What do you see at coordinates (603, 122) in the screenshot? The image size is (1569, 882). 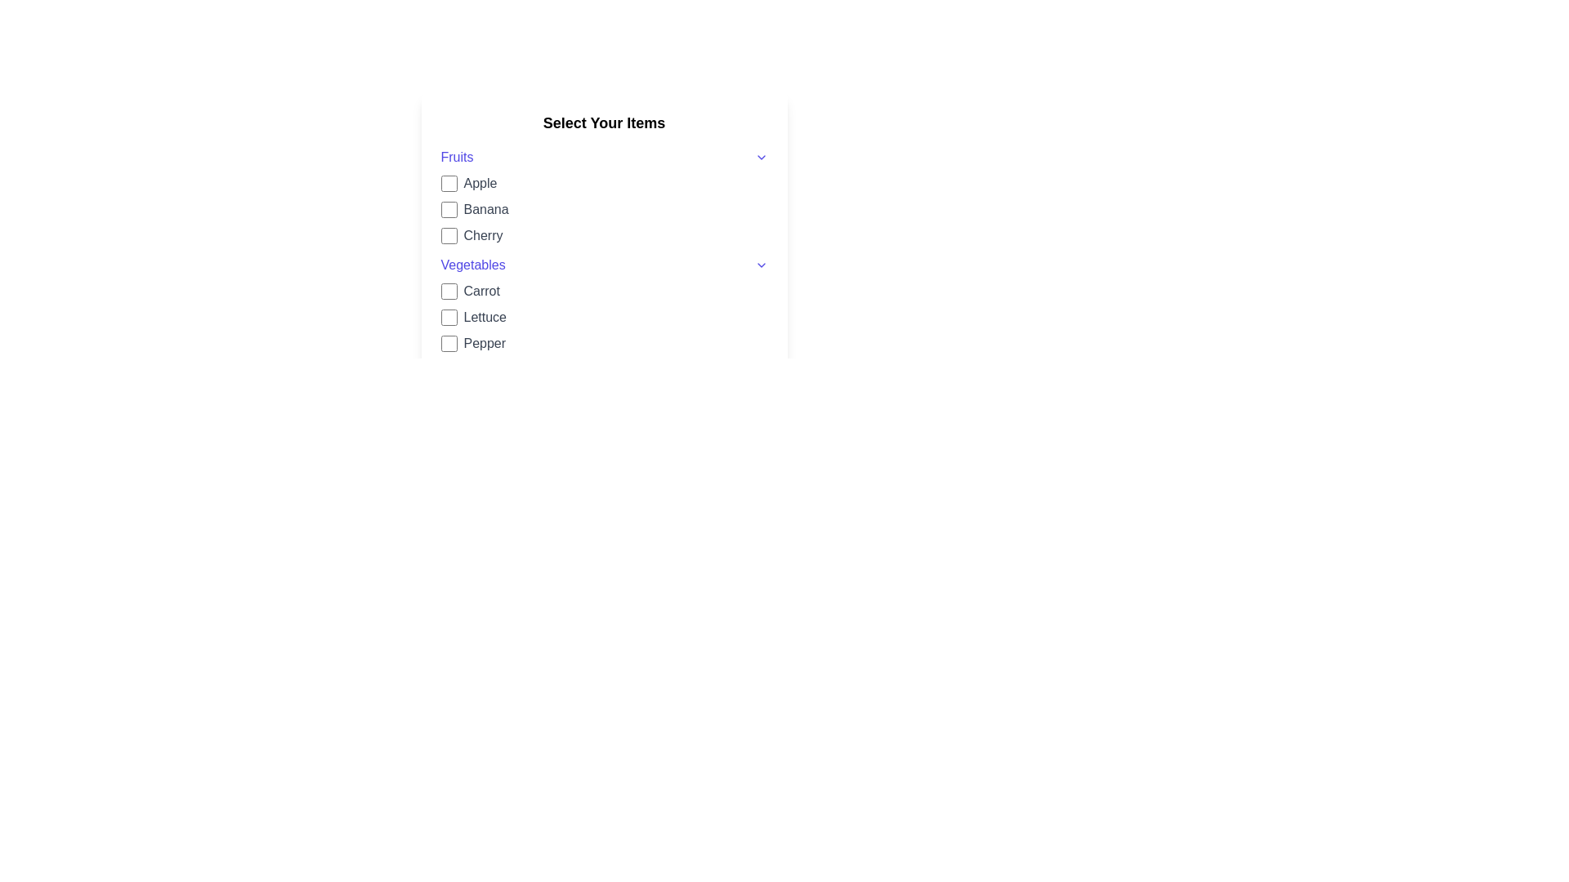 I see `text from the header label that displays 'Select Your Items', which is prominently placed at the top of the form-like interface` at bounding box center [603, 122].